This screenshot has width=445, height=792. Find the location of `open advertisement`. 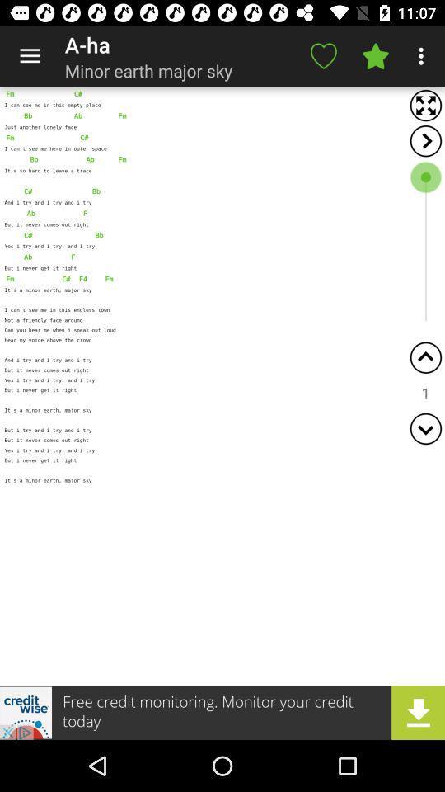

open advertisement is located at coordinates (222, 712).